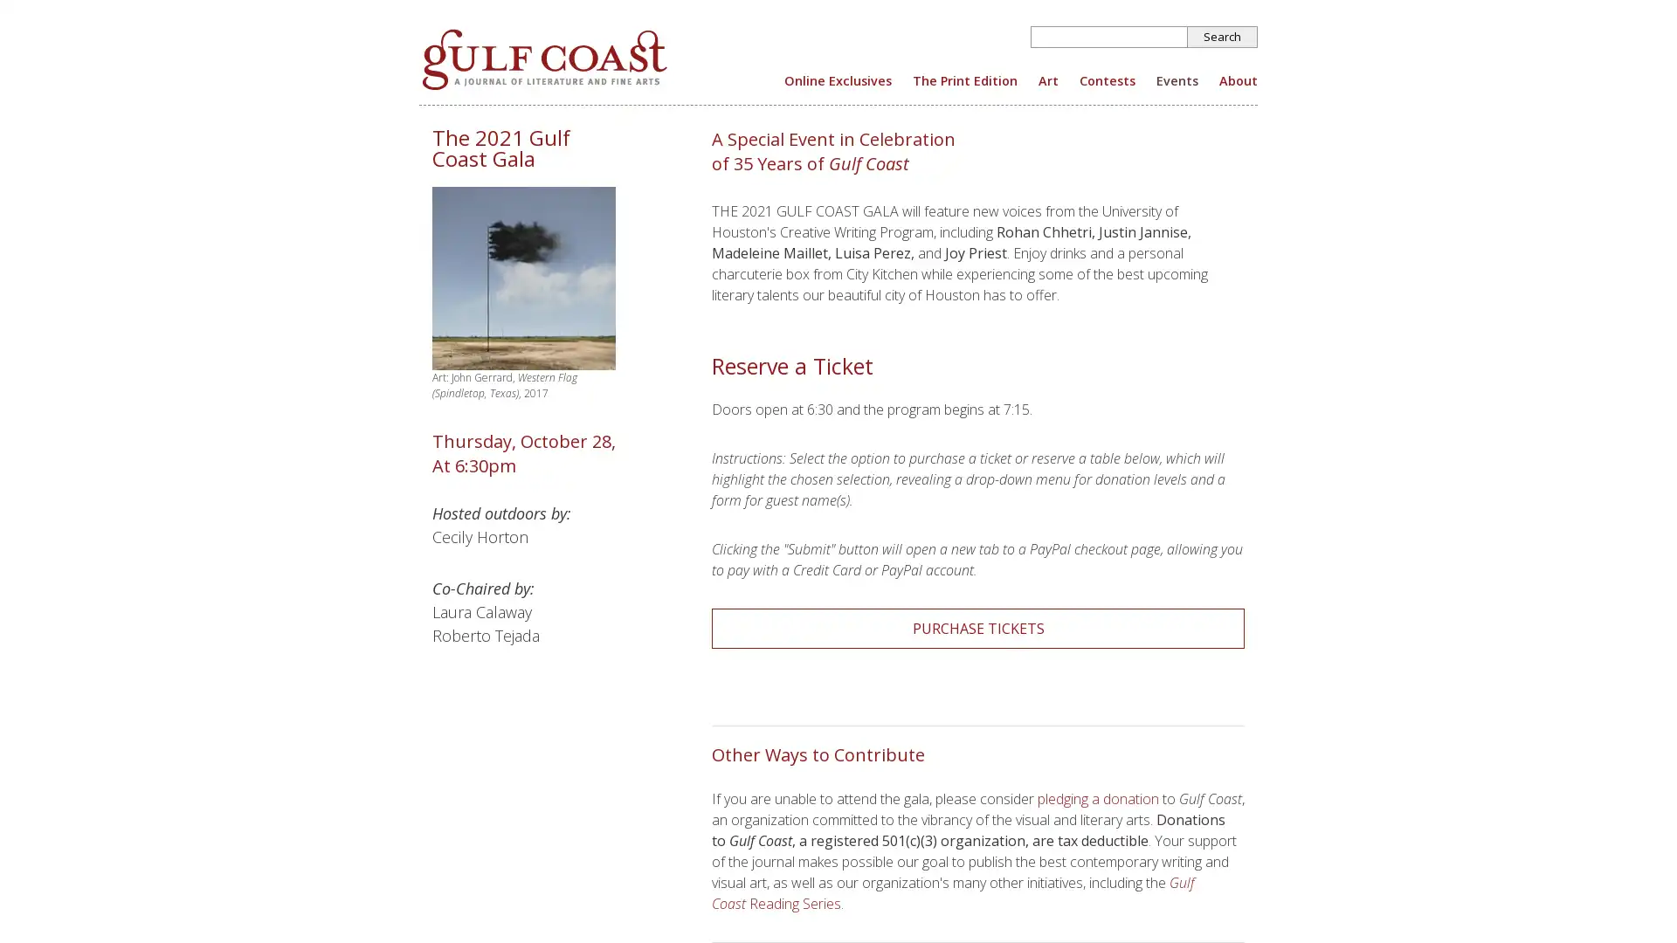 The width and height of the screenshot is (1677, 943). What do you see at coordinates (1222, 37) in the screenshot?
I see `Search` at bounding box center [1222, 37].